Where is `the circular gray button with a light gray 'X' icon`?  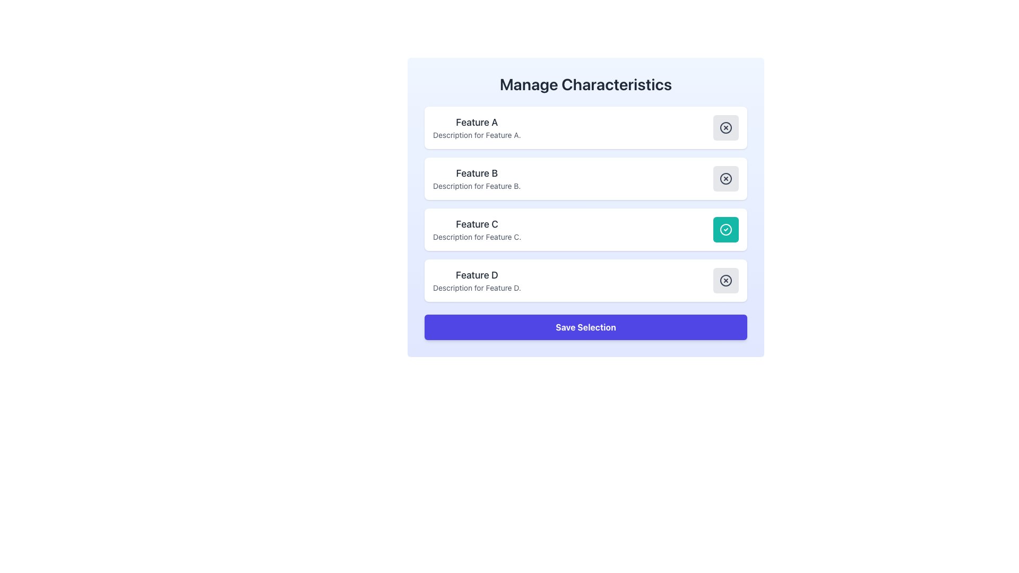 the circular gray button with a light gray 'X' icon is located at coordinates (726, 127).